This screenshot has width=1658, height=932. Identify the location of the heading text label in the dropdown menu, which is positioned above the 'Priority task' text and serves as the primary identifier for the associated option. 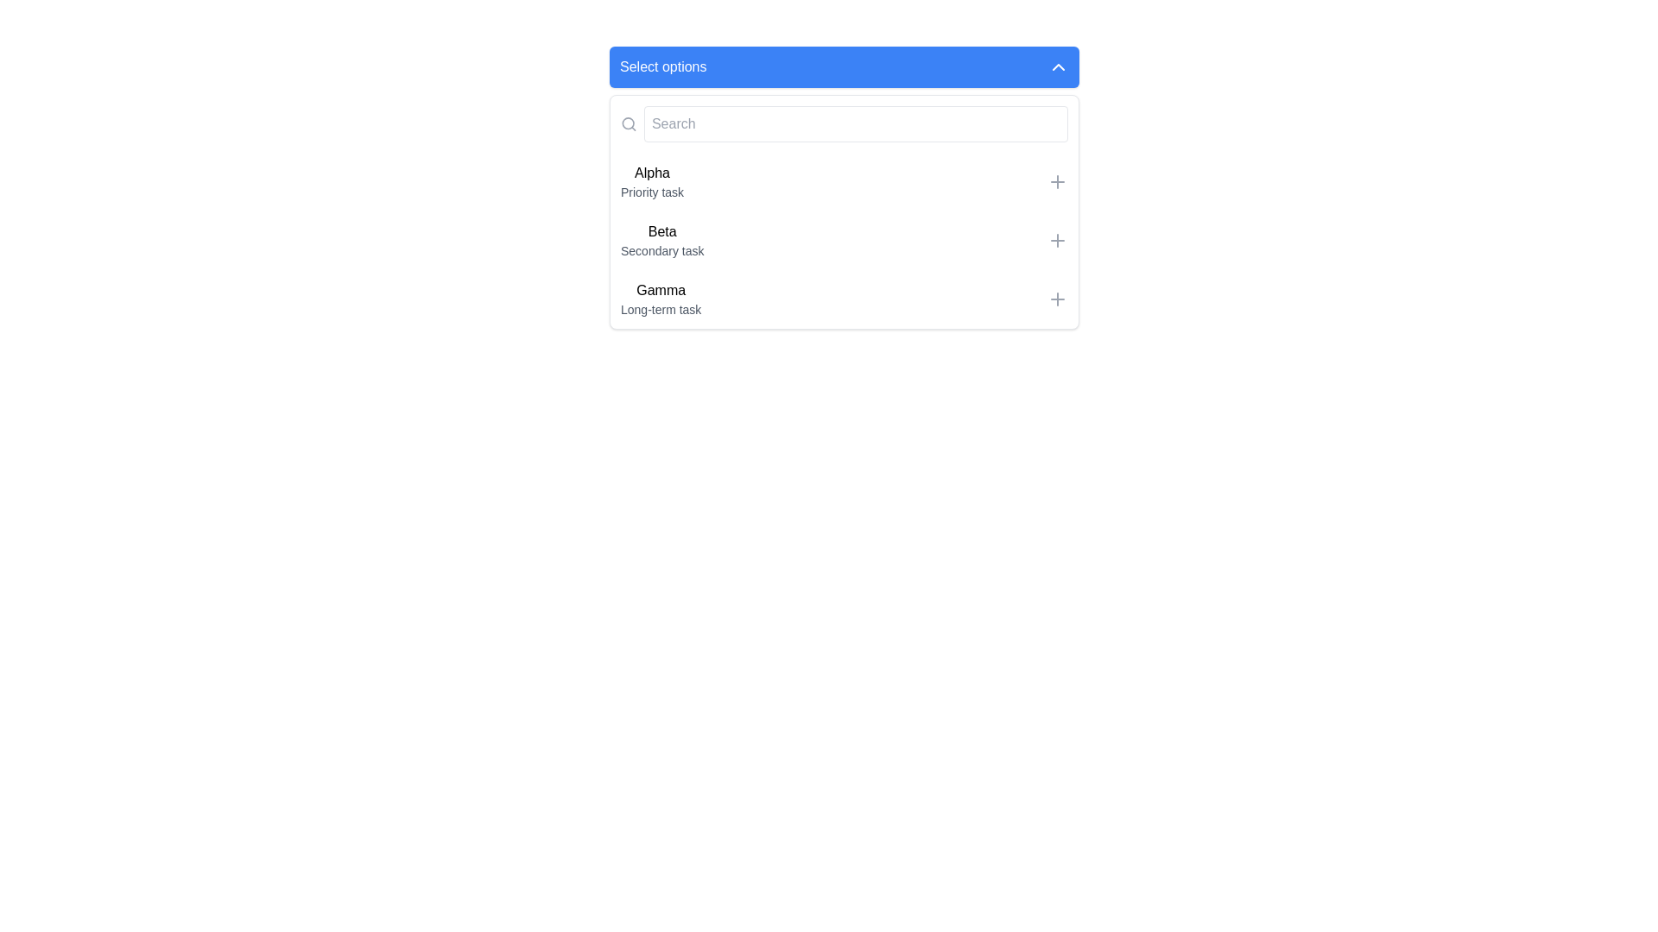
(651, 173).